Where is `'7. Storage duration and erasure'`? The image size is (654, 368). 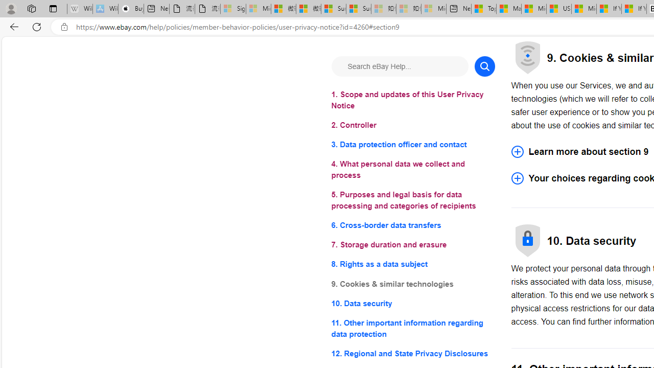
'7. Storage duration and erasure' is located at coordinates (413, 245).